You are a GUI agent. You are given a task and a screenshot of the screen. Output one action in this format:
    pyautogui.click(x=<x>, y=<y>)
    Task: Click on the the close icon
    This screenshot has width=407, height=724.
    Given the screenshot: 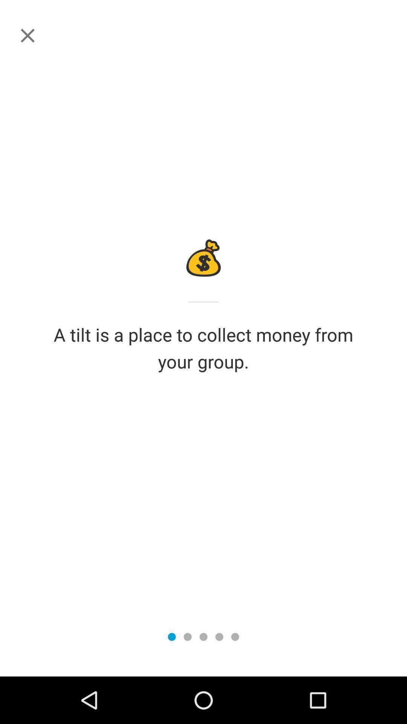 What is the action you would take?
    pyautogui.click(x=27, y=35)
    